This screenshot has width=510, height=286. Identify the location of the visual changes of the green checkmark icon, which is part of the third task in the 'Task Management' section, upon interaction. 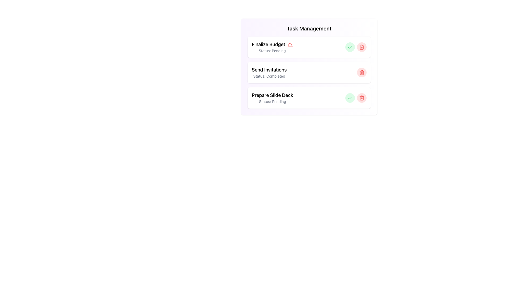
(350, 47).